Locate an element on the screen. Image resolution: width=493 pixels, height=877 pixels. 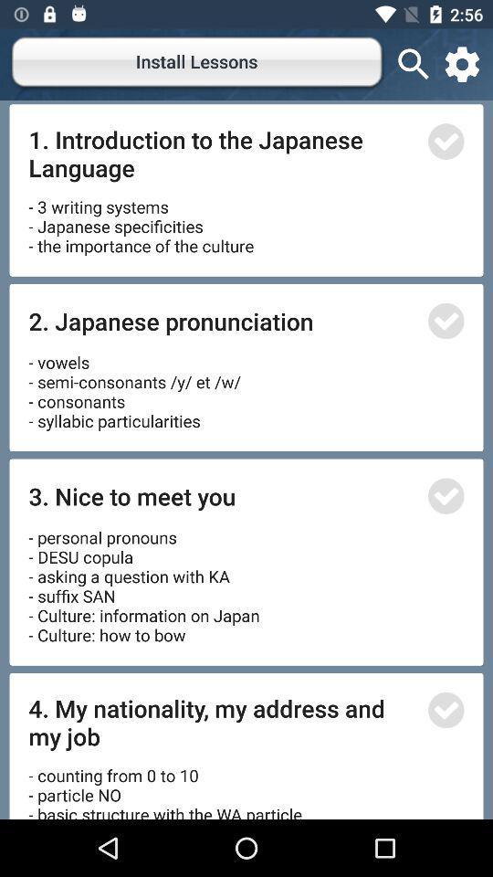
item above the 2. japanese pronunciation is located at coordinates (140, 219).